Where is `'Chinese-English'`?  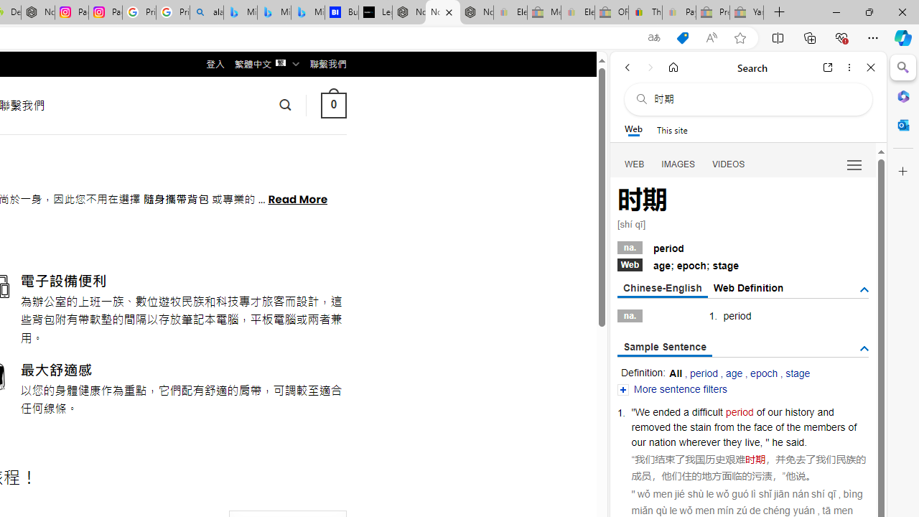
'Chinese-English' is located at coordinates (661, 289).